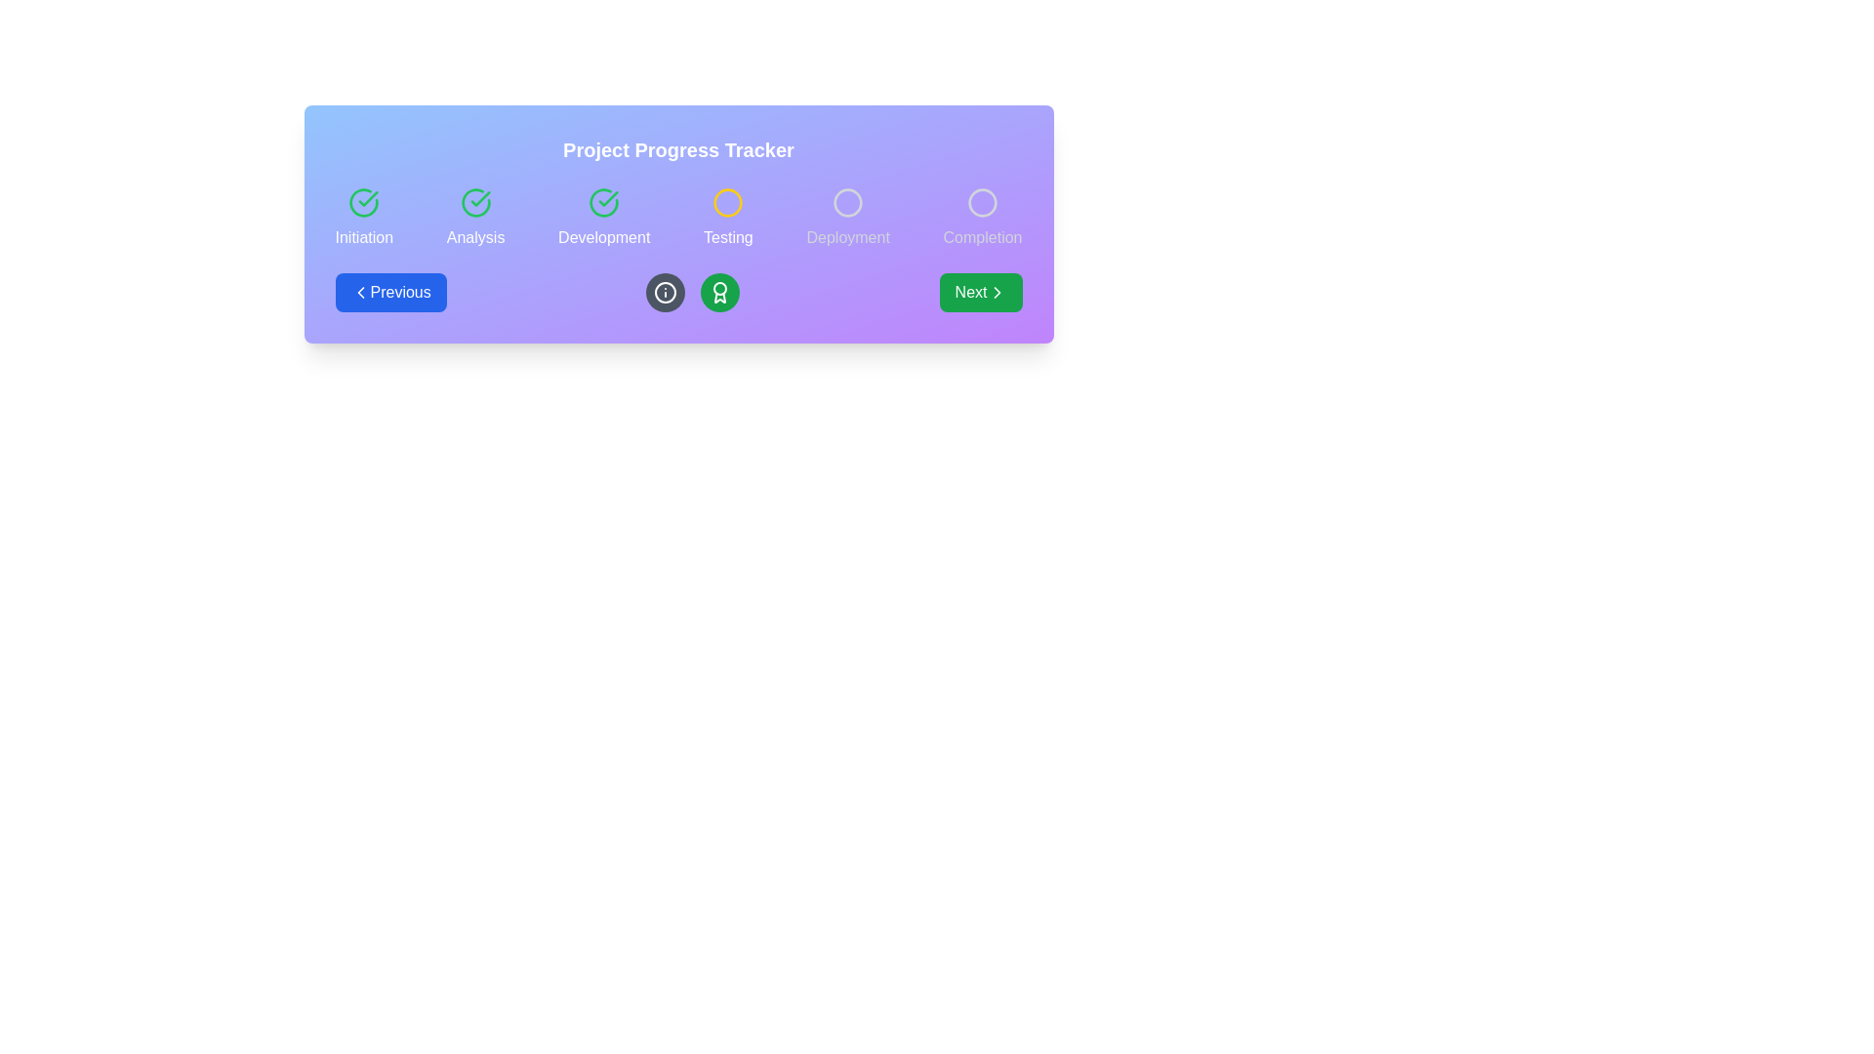 The width and height of the screenshot is (1874, 1054). I want to click on the header text 'Project Progress Tracker' which is bold, large, and centered within a gradient background transitioning from blue to purple, so click(678, 149).